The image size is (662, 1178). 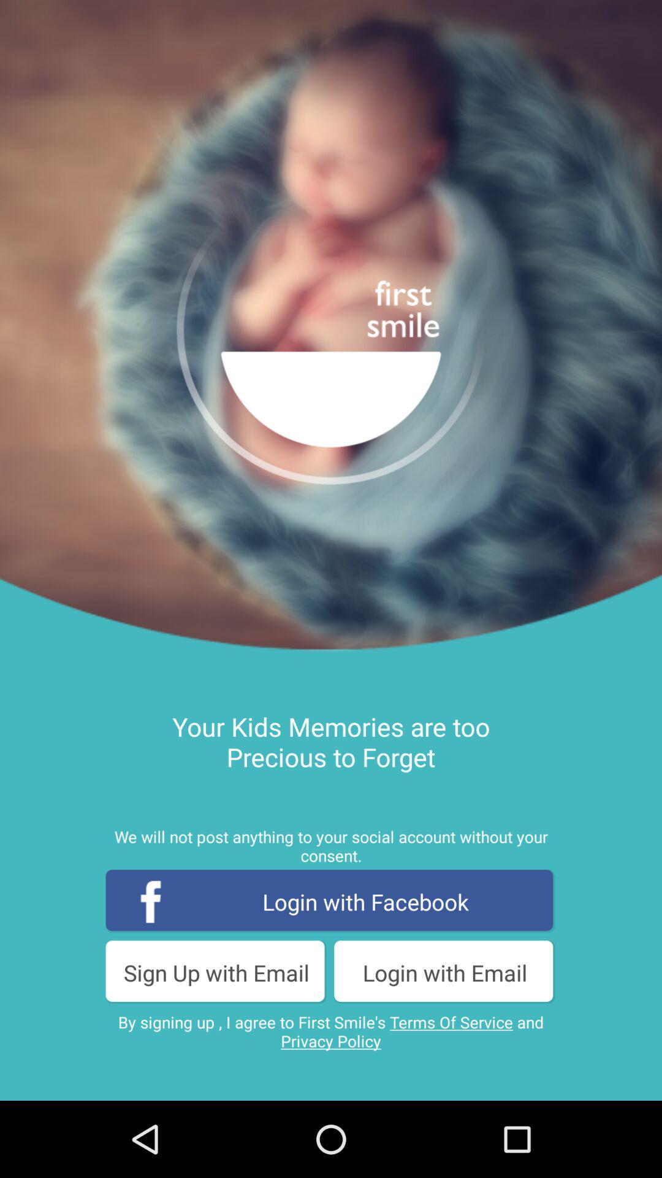 What do you see at coordinates (216, 972) in the screenshot?
I see `the sign up with item` at bounding box center [216, 972].